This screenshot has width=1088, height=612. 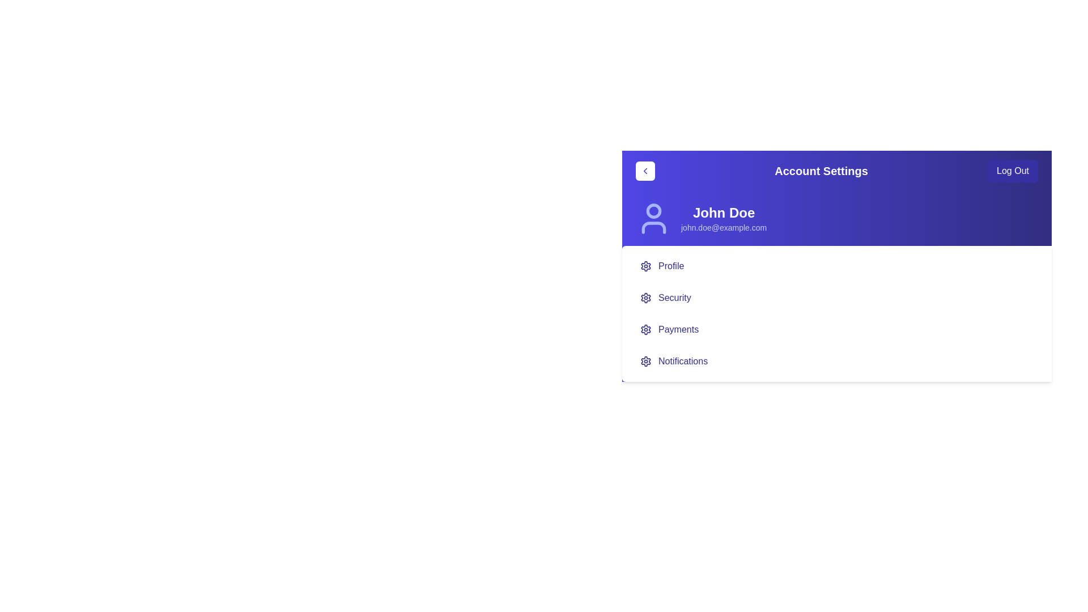 What do you see at coordinates (821, 171) in the screenshot?
I see `the 'Account Settings' text label, which is displayed in white, bold font against a purple background, located in the horizontal bar at the top of the interface` at bounding box center [821, 171].